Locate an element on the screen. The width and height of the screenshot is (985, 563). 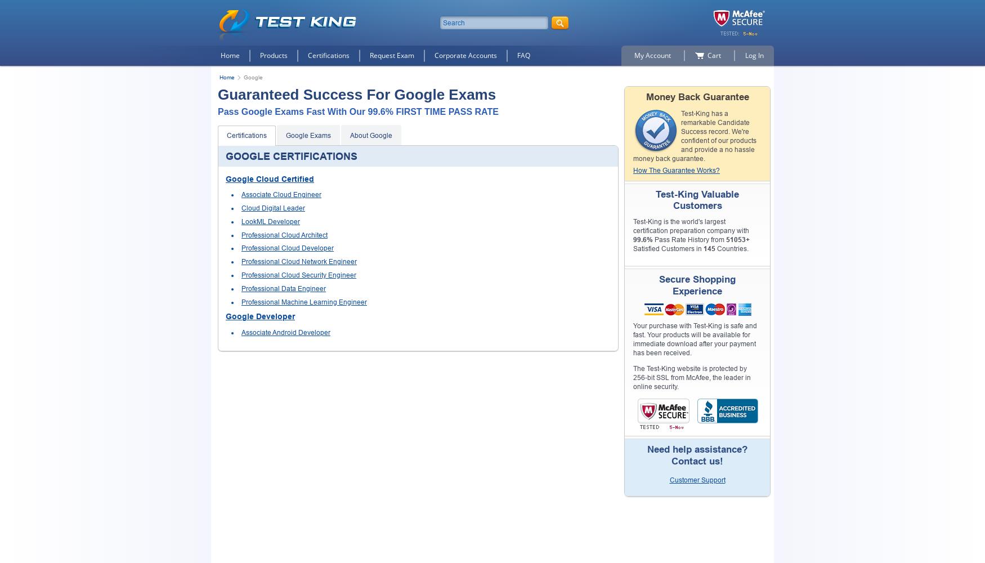
'Pass Rate History from' is located at coordinates (652, 240).